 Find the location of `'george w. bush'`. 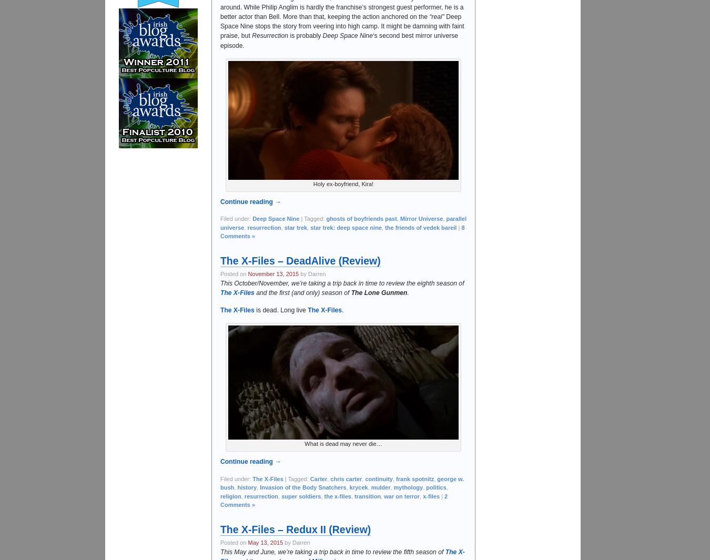

'george w. bush' is located at coordinates (342, 483).